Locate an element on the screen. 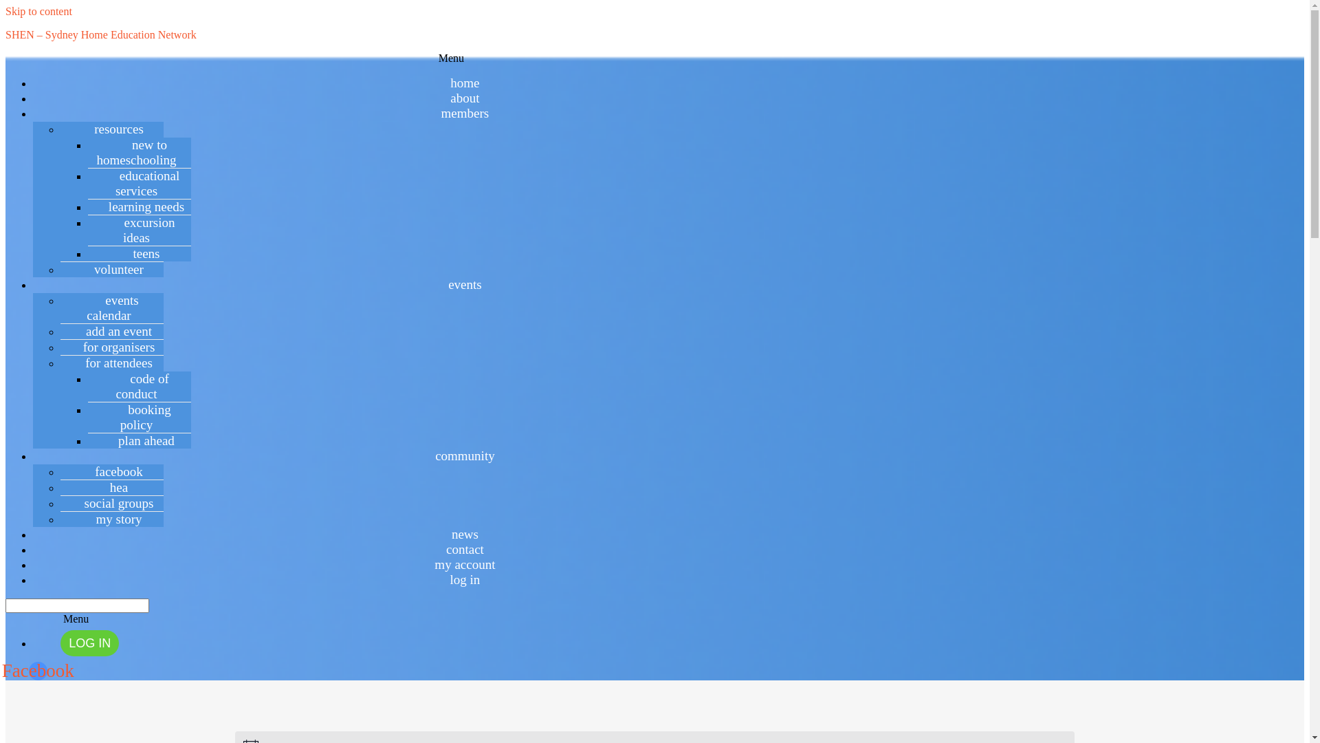  'hea' is located at coordinates (112, 486).